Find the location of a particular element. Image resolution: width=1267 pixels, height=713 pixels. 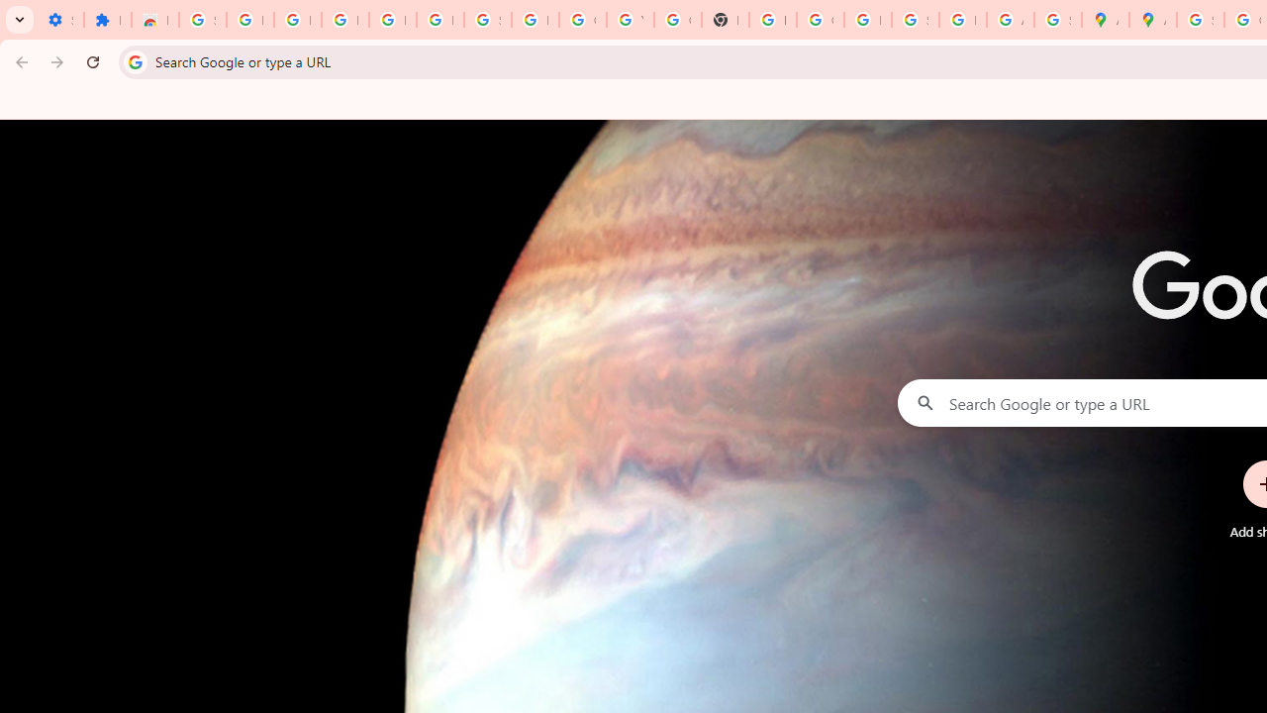

'Reload' is located at coordinates (92, 60).